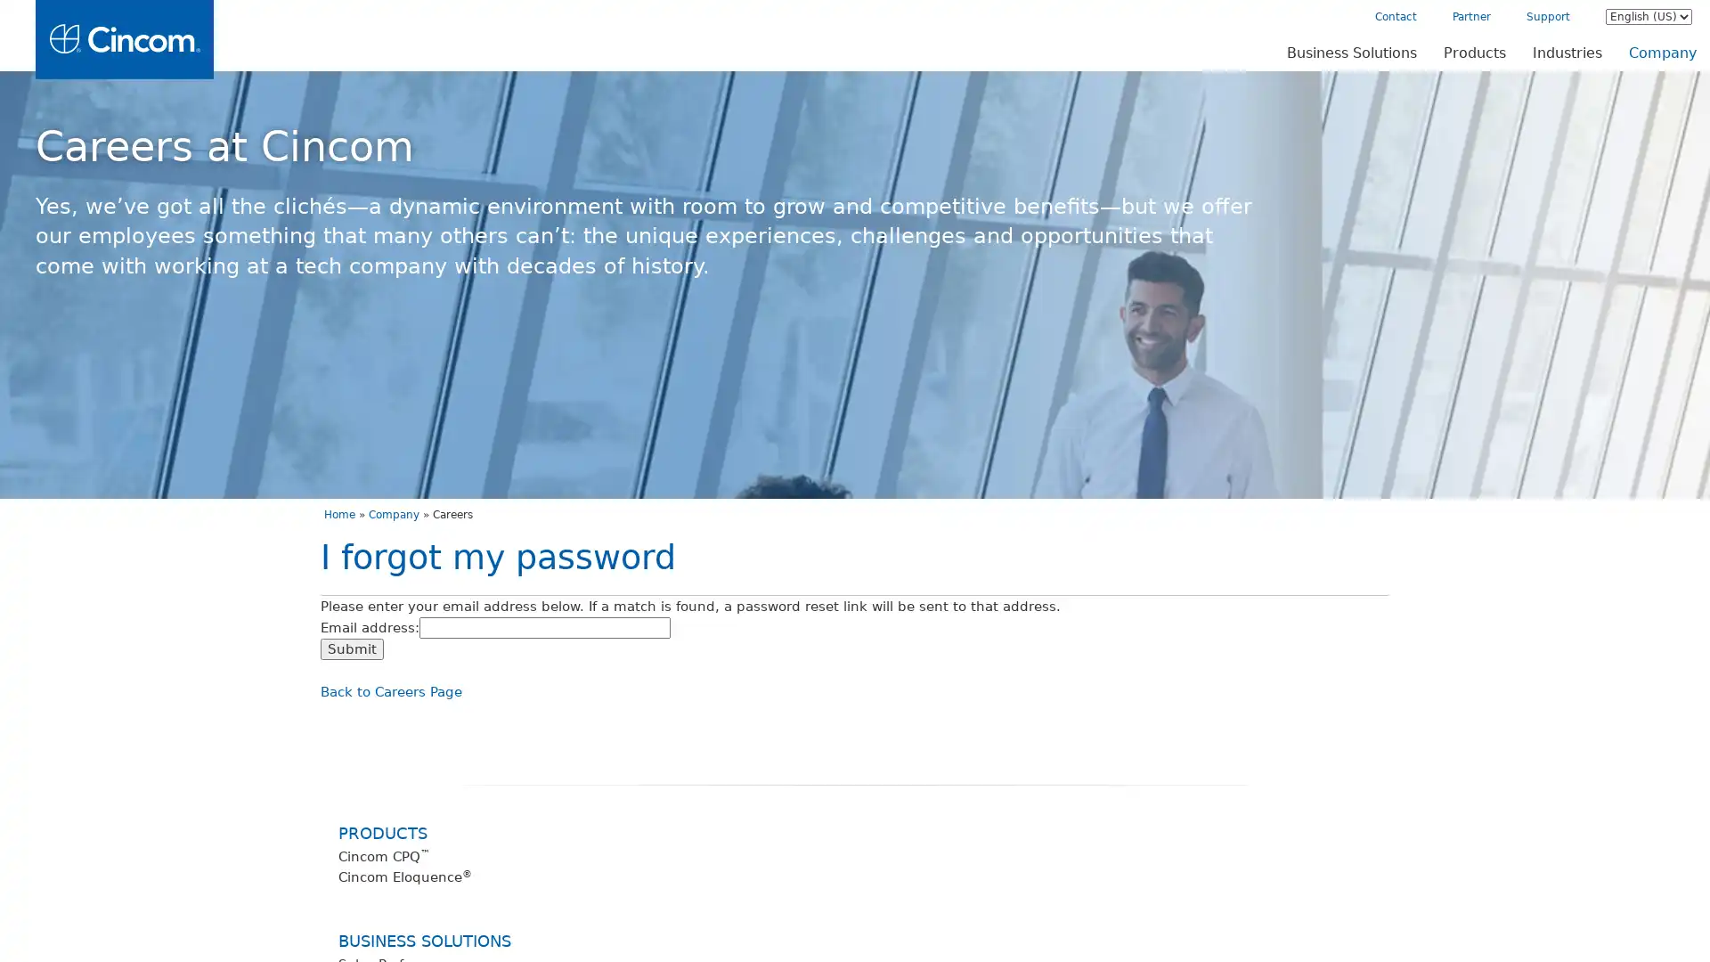  Describe the element at coordinates (352, 648) in the screenshot. I see `Submit` at that location.